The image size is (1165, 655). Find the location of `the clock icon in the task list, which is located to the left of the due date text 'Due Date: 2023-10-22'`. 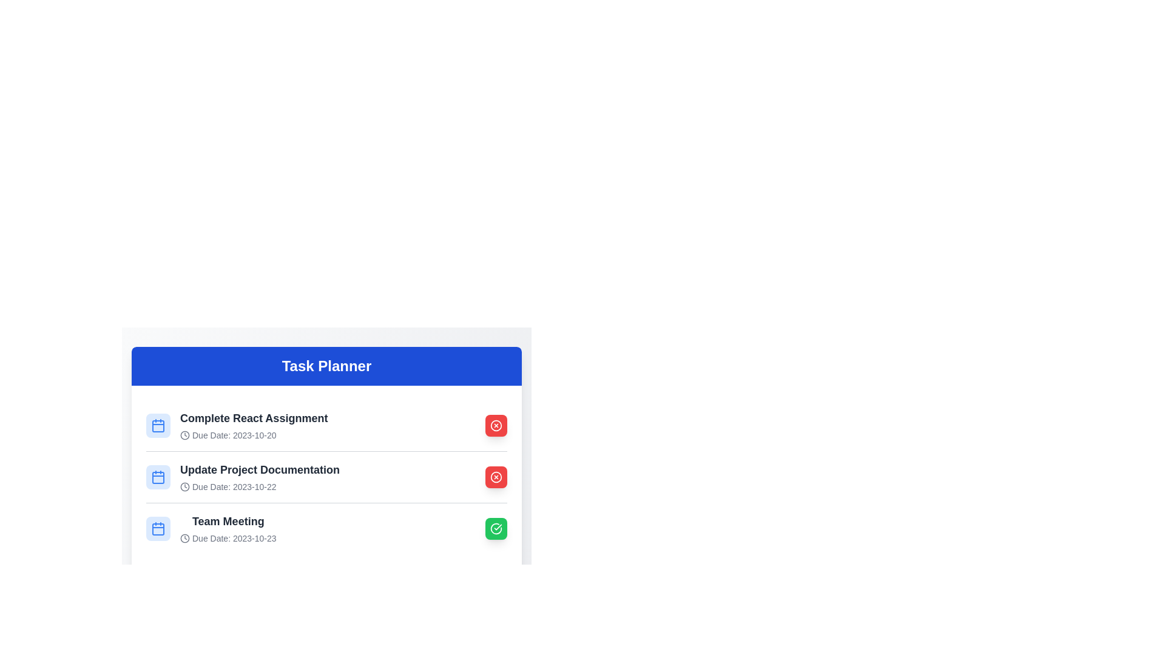

the clock icon in the task list, which is located to the left of the due date text 'Due Date: 2023-10-22' is located at coordinates (184, 486).